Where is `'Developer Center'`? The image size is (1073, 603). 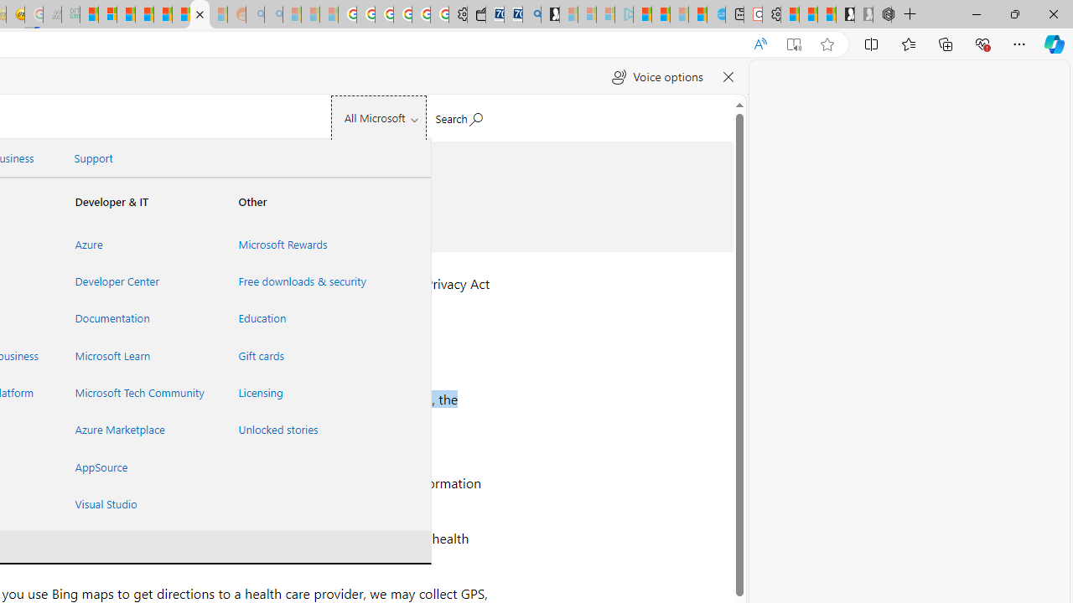
'Developer Center' is located at coordinates (137, 281).